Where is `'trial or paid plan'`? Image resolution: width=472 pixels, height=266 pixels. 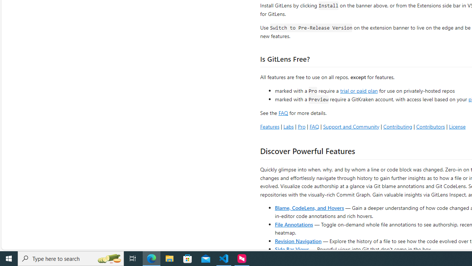
'trial or paid plan' is located at coordinates (359, 90).